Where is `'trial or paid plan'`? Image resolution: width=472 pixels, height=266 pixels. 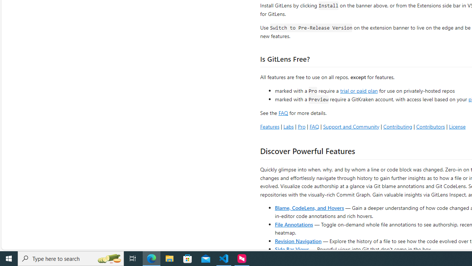
'trial or paid plan' is located at coordinates (359, 90).